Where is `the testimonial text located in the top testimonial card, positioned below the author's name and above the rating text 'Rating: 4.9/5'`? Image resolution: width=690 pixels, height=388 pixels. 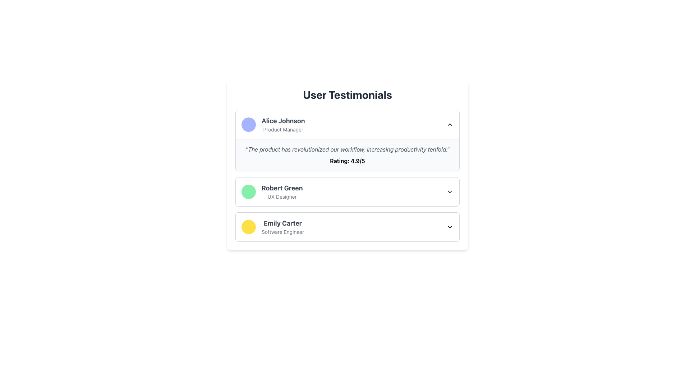
the testimonial text located in the top testimonial card, positioned below the author's name and above the rating text 'Rating: 4.9/5' is located at coordinates (347, 149).